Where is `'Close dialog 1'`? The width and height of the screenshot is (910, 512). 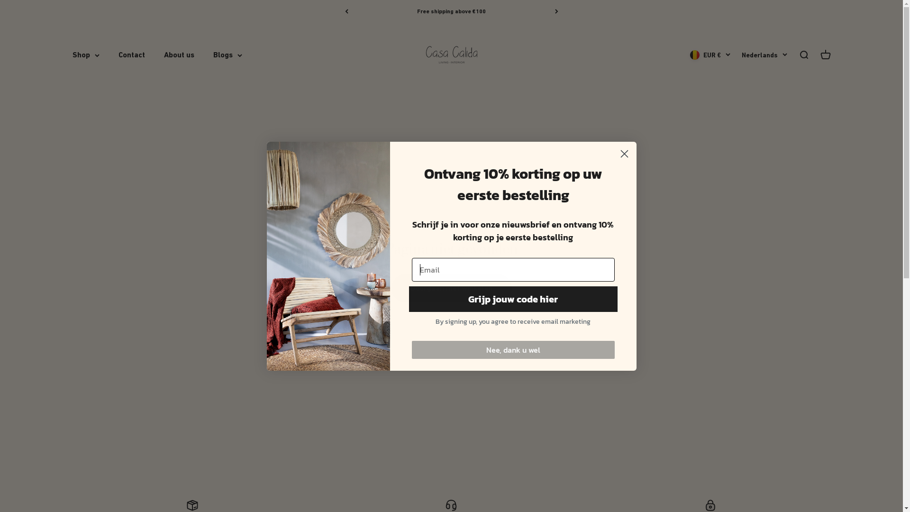
'Close dialog 1' is located at coordinates (616, 153).